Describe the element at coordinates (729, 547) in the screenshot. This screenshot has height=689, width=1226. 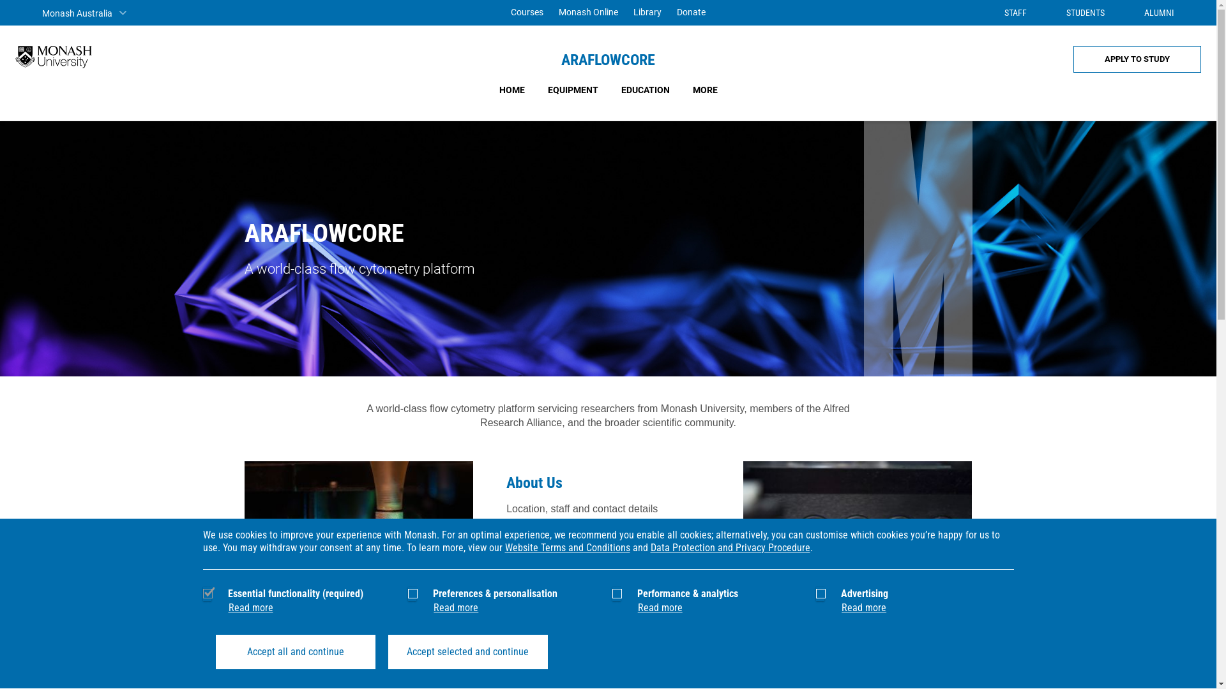
I see `'Data Protection and Privacy Procedure'` at that location.